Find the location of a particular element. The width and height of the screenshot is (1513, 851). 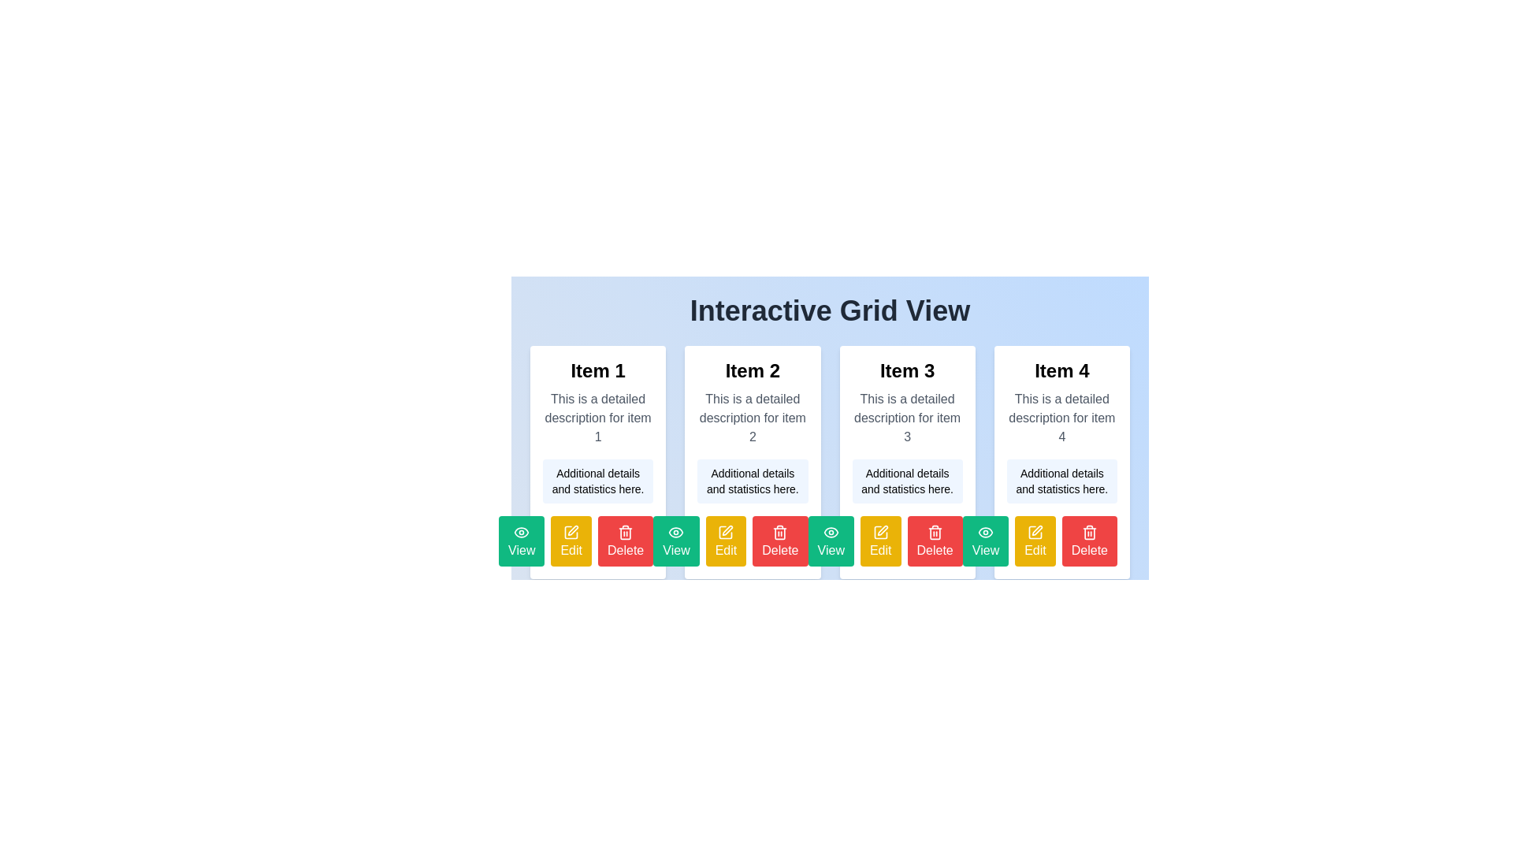

the Edit button located in the bottom row beneath the description block for 'Item 1' in the interactive grid view is located at coordinates (571, 540).